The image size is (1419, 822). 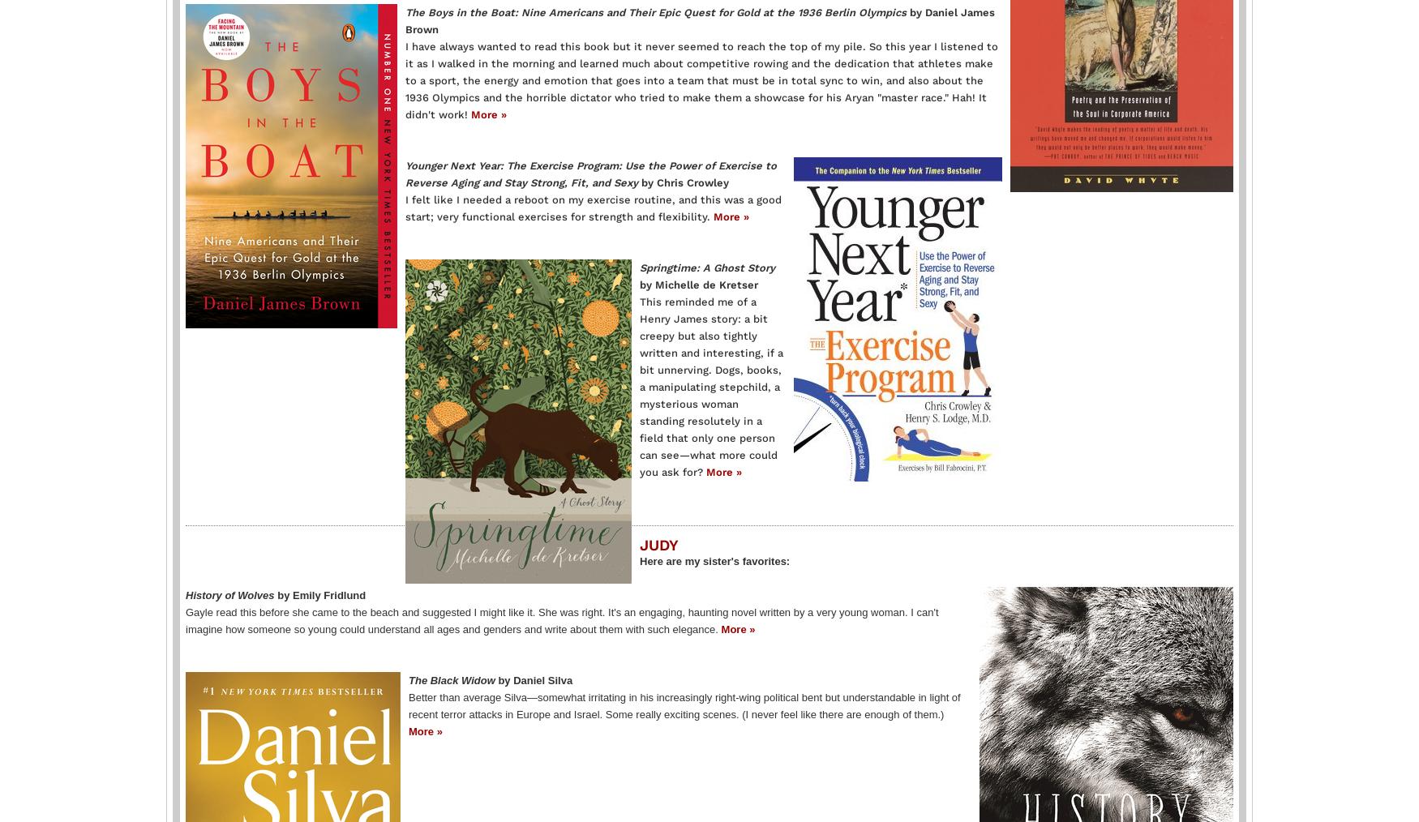 I want to click on 'I have always wanted to read this book but it never seemed to reach the top of my pile. So this year I listened to it as I walked in the morning and learned much about competitive rowing and the dedication that athletes make to a sport, the energy and emotion that goes into a team that must be in total sync to win, and also about the 1936 Olympics and the horrible dictator who tried to make them a showcase for his Aryan "master race." Hah! It didn't work!', so click(x=701, y=79).